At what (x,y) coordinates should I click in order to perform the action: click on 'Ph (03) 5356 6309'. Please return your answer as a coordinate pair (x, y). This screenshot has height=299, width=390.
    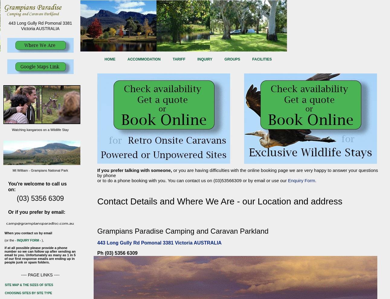
    Looking at the image, I should click on (97, 253).